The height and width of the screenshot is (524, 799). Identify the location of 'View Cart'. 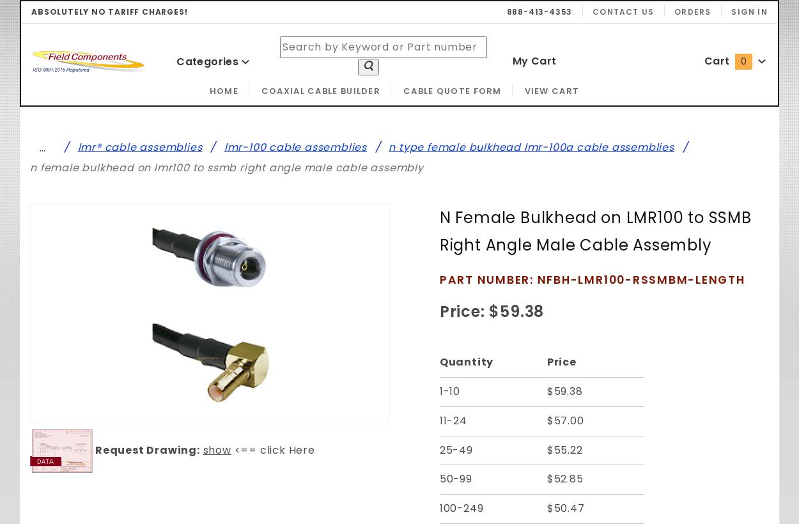
(551, 89).